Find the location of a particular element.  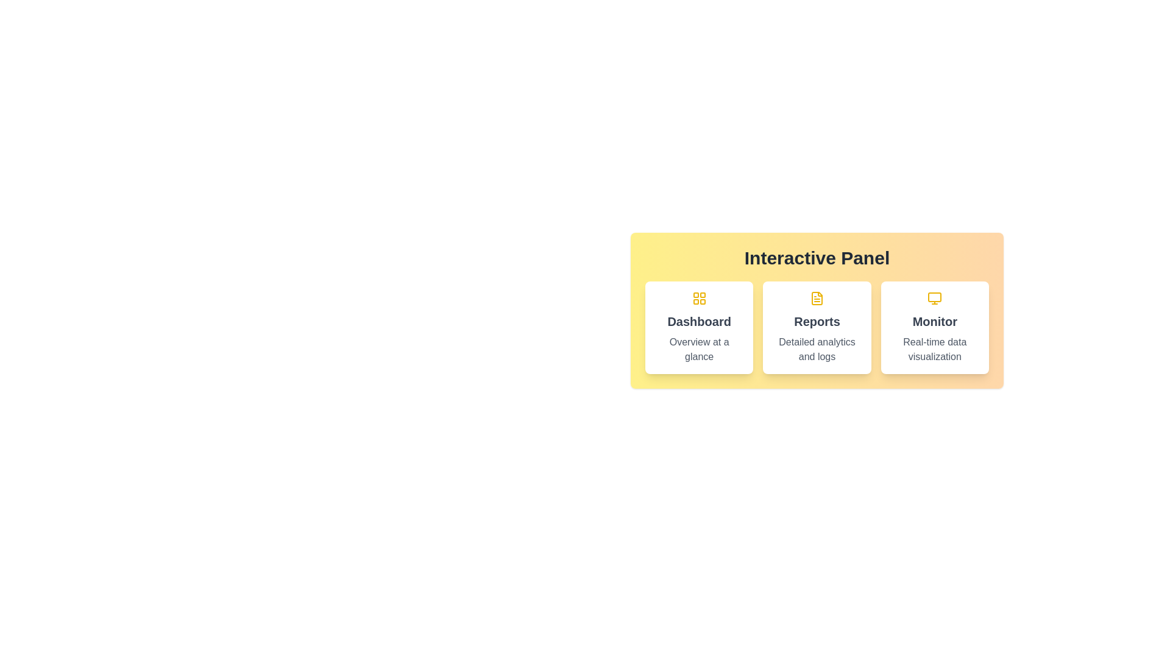

the panel titled Reports is located at coordinates (817, 327).